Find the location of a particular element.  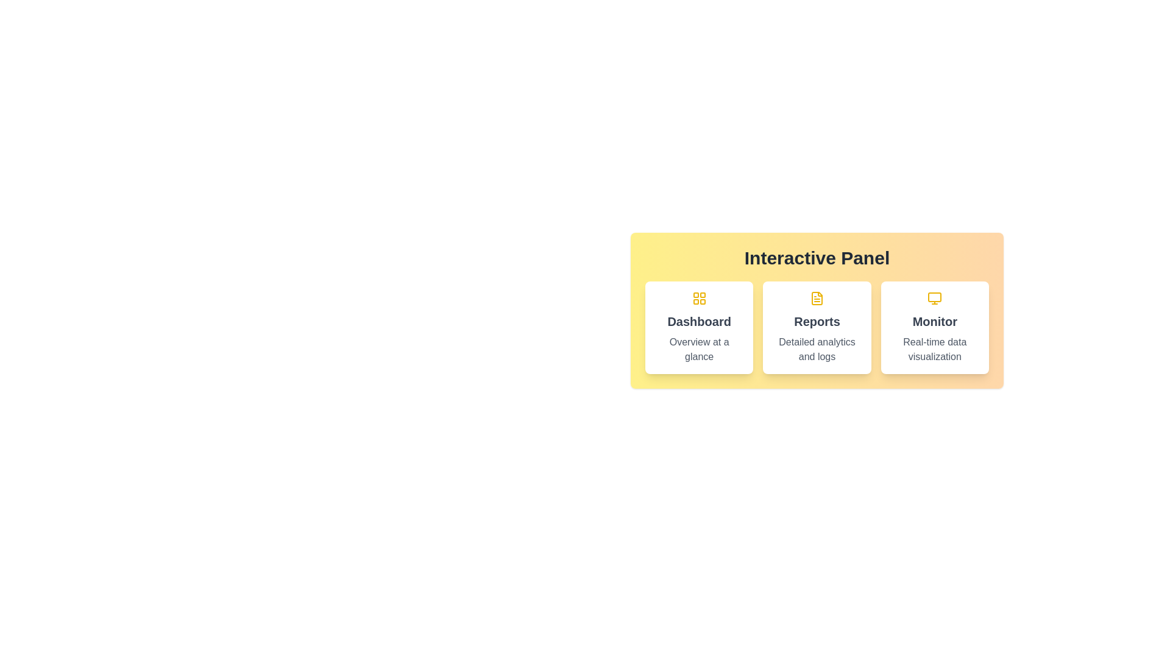

the panel titled Reports is located at coordinates (817, 327).